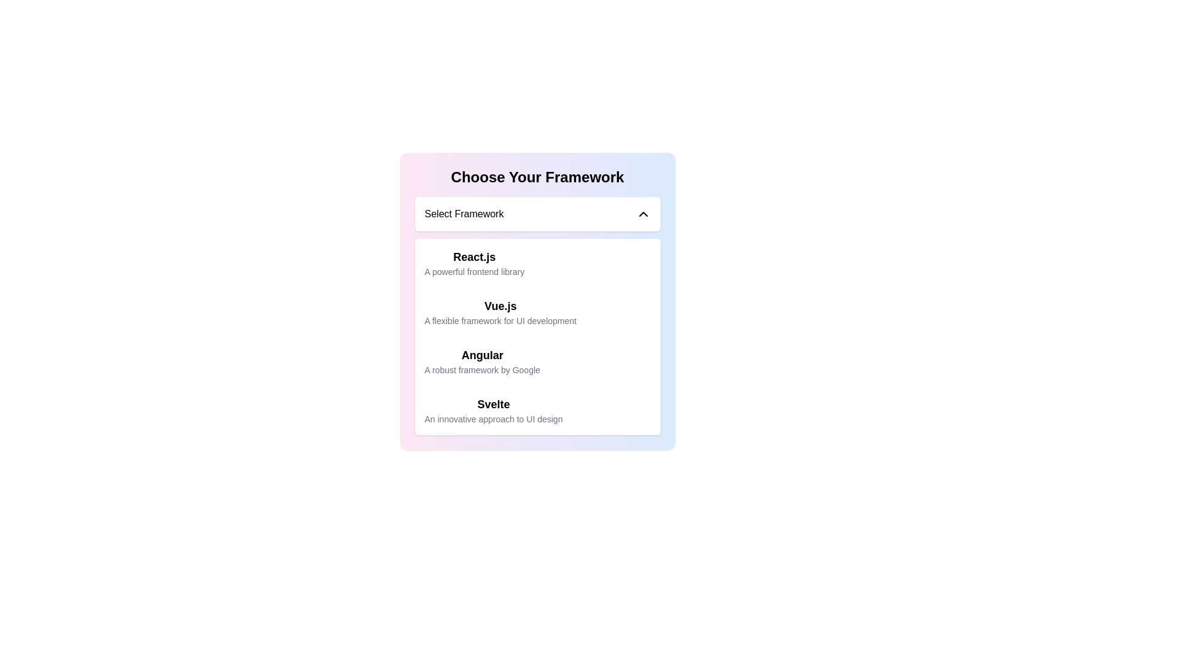  Describe the element at coordinates (473, 262) in the screenshot. I see `the List item with the title 'React.js' and the description 'A powerful frontend library'` at that location.